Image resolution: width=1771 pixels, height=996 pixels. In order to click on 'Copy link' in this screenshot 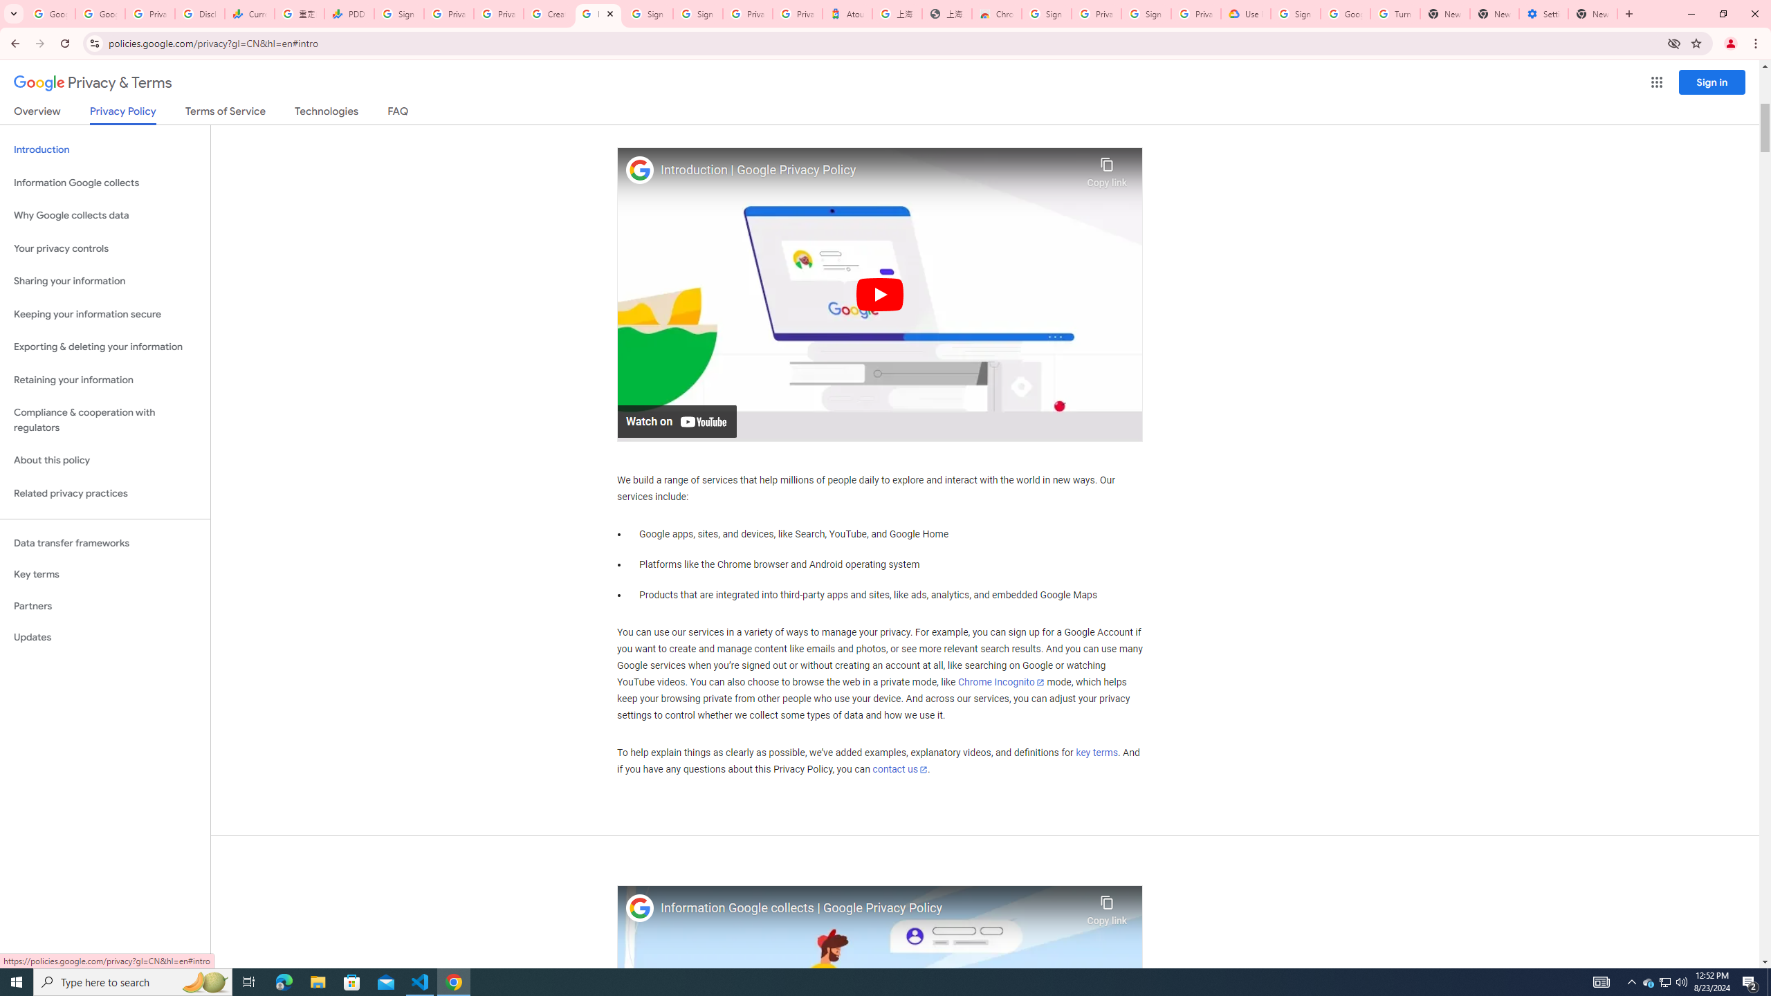, I will do `click(1106, 906)`.